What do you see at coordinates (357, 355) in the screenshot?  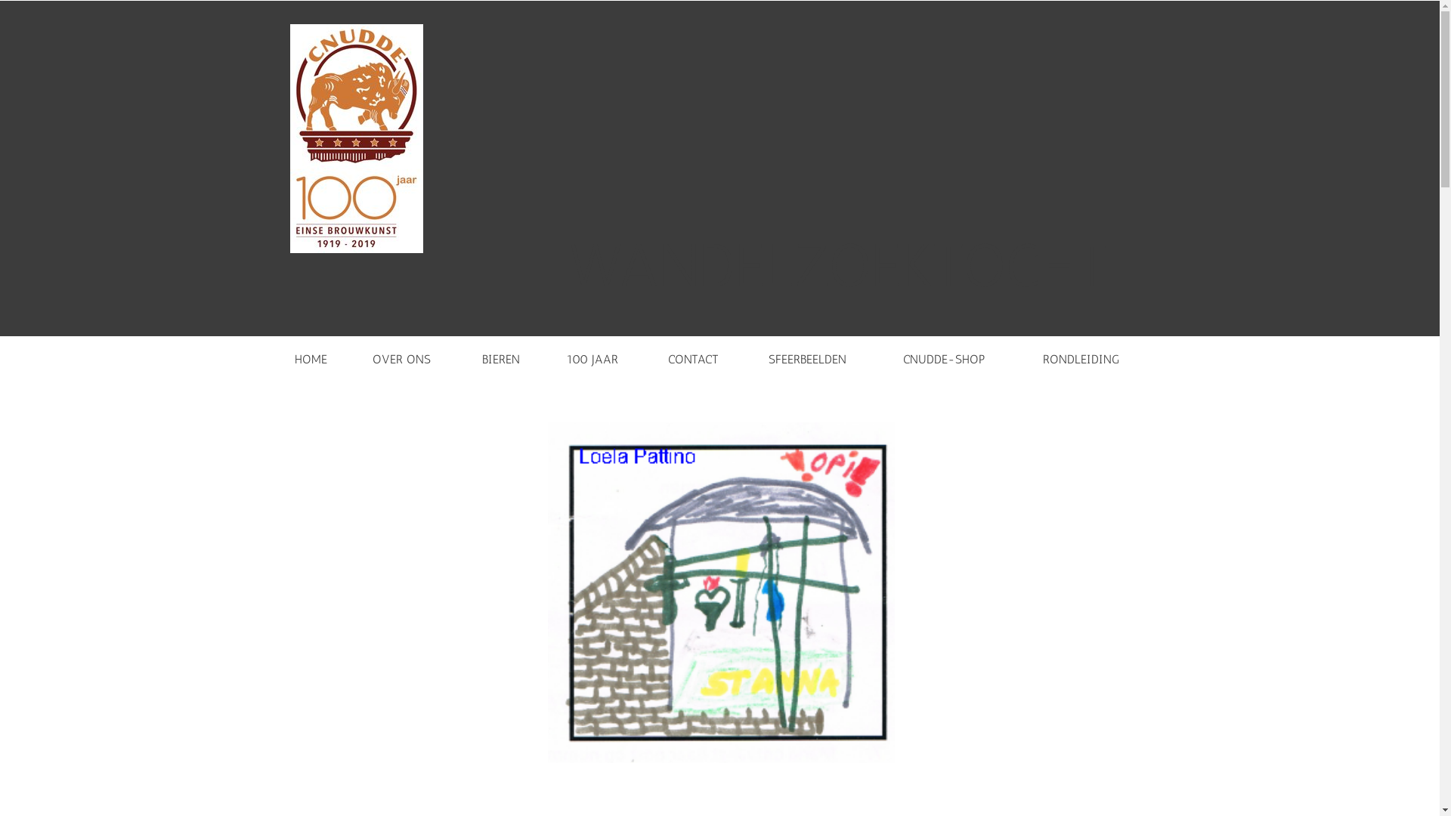 I see `'OVER ONS'` at bounding box center [357, 355].